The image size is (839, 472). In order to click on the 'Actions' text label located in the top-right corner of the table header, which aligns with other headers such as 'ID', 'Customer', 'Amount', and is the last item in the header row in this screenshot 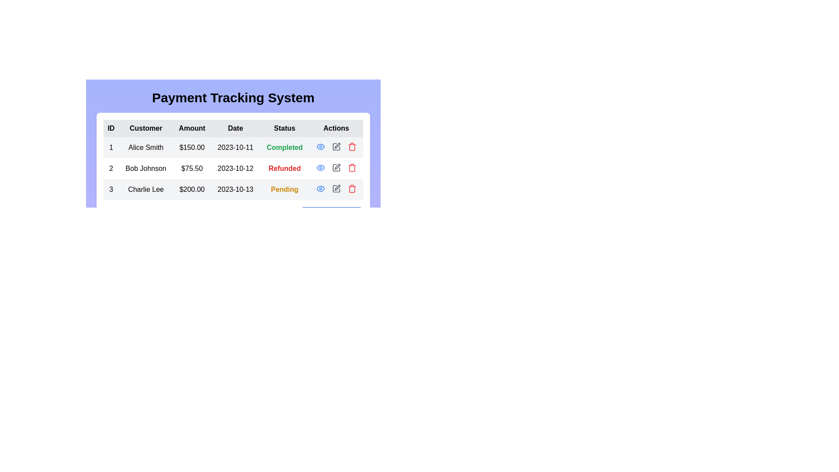, I will do `click(336, 128)`.